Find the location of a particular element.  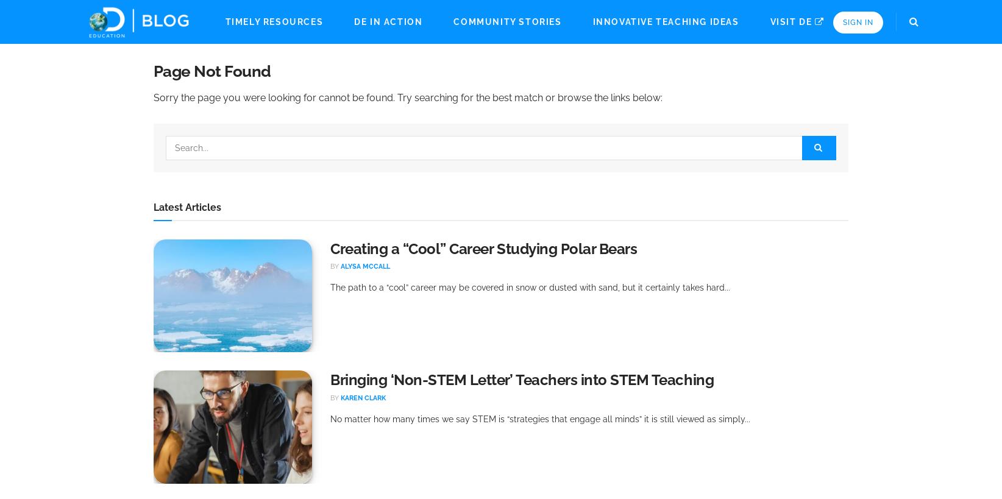

'Community Stories' is located at coordinates (507, 21).